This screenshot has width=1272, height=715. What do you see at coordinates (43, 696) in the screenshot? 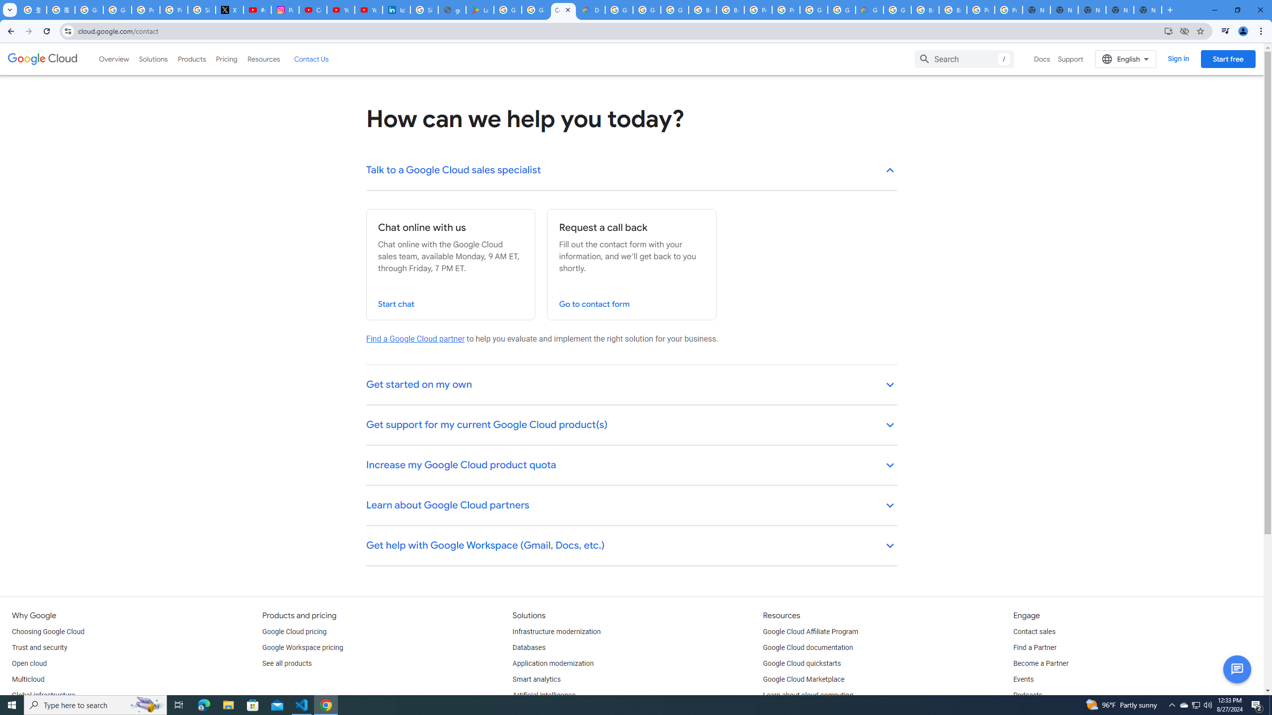
I see `'Global infrastructure'` at bounding box center [43, 696].